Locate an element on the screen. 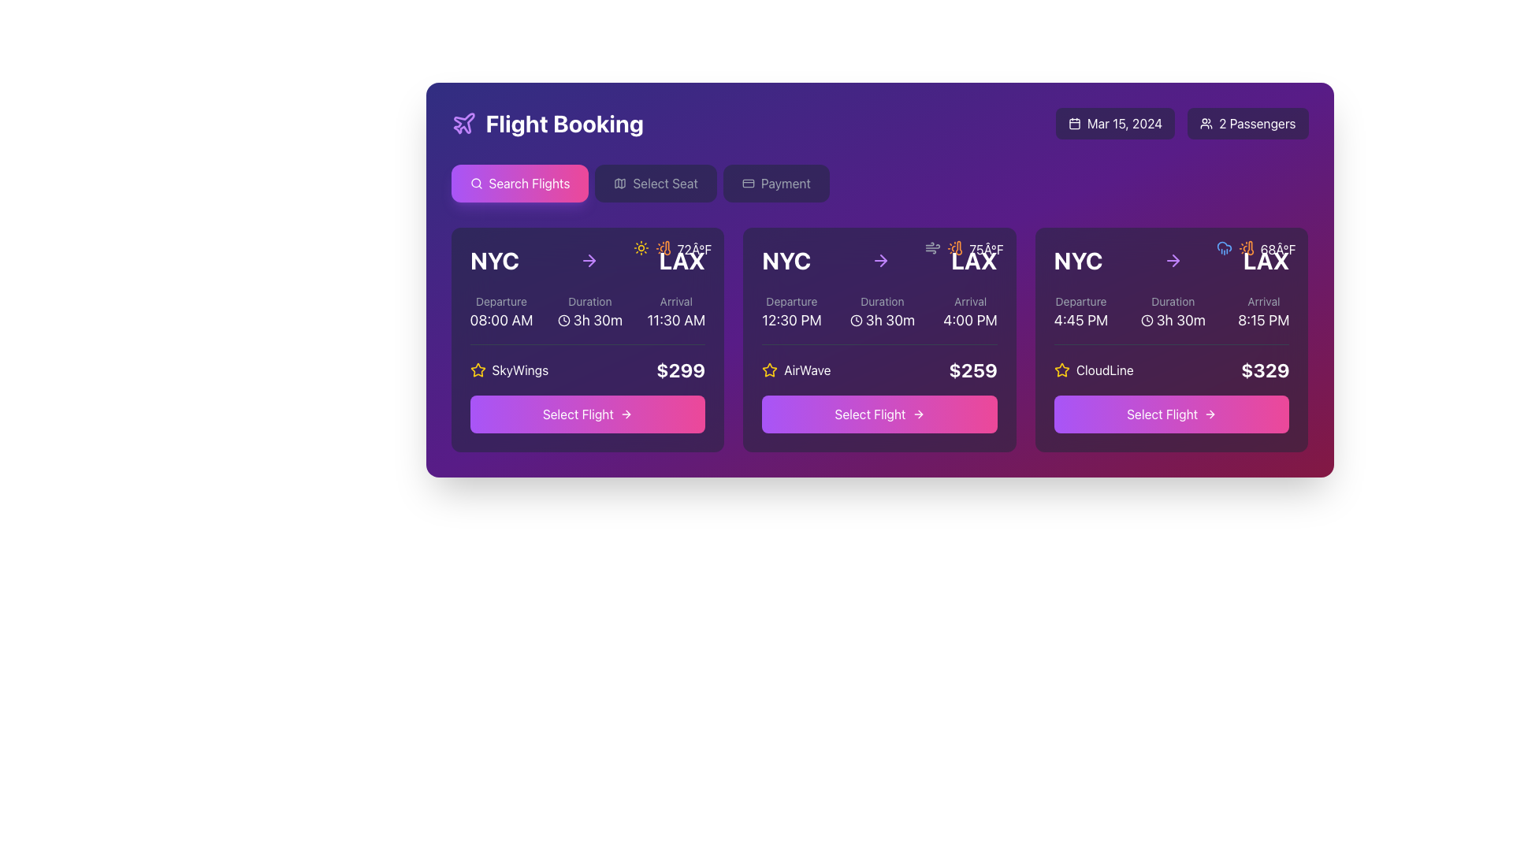  the star icon used for marking or favoriting a flight option is located at coordinates (477, 370).